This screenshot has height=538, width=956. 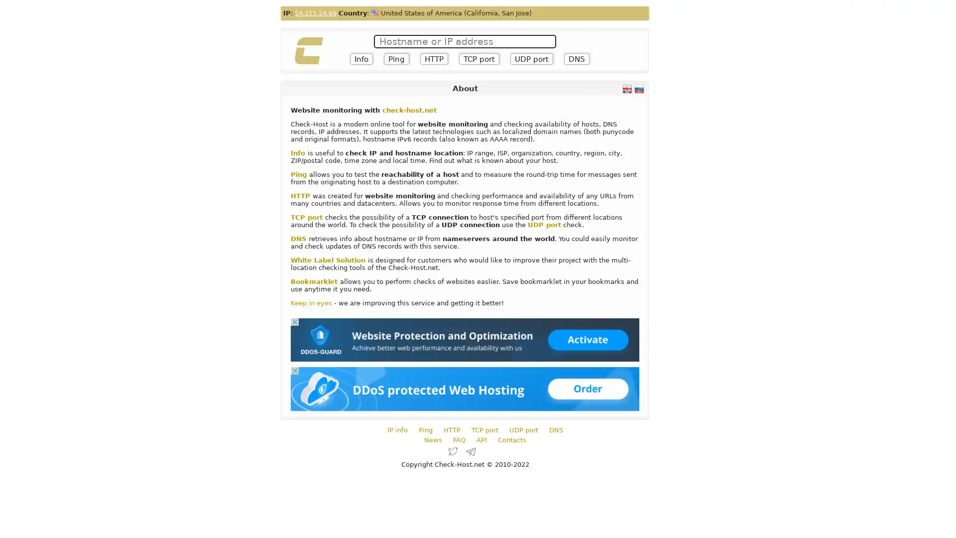 I want to click on DNS, so click(x=576, y=59).